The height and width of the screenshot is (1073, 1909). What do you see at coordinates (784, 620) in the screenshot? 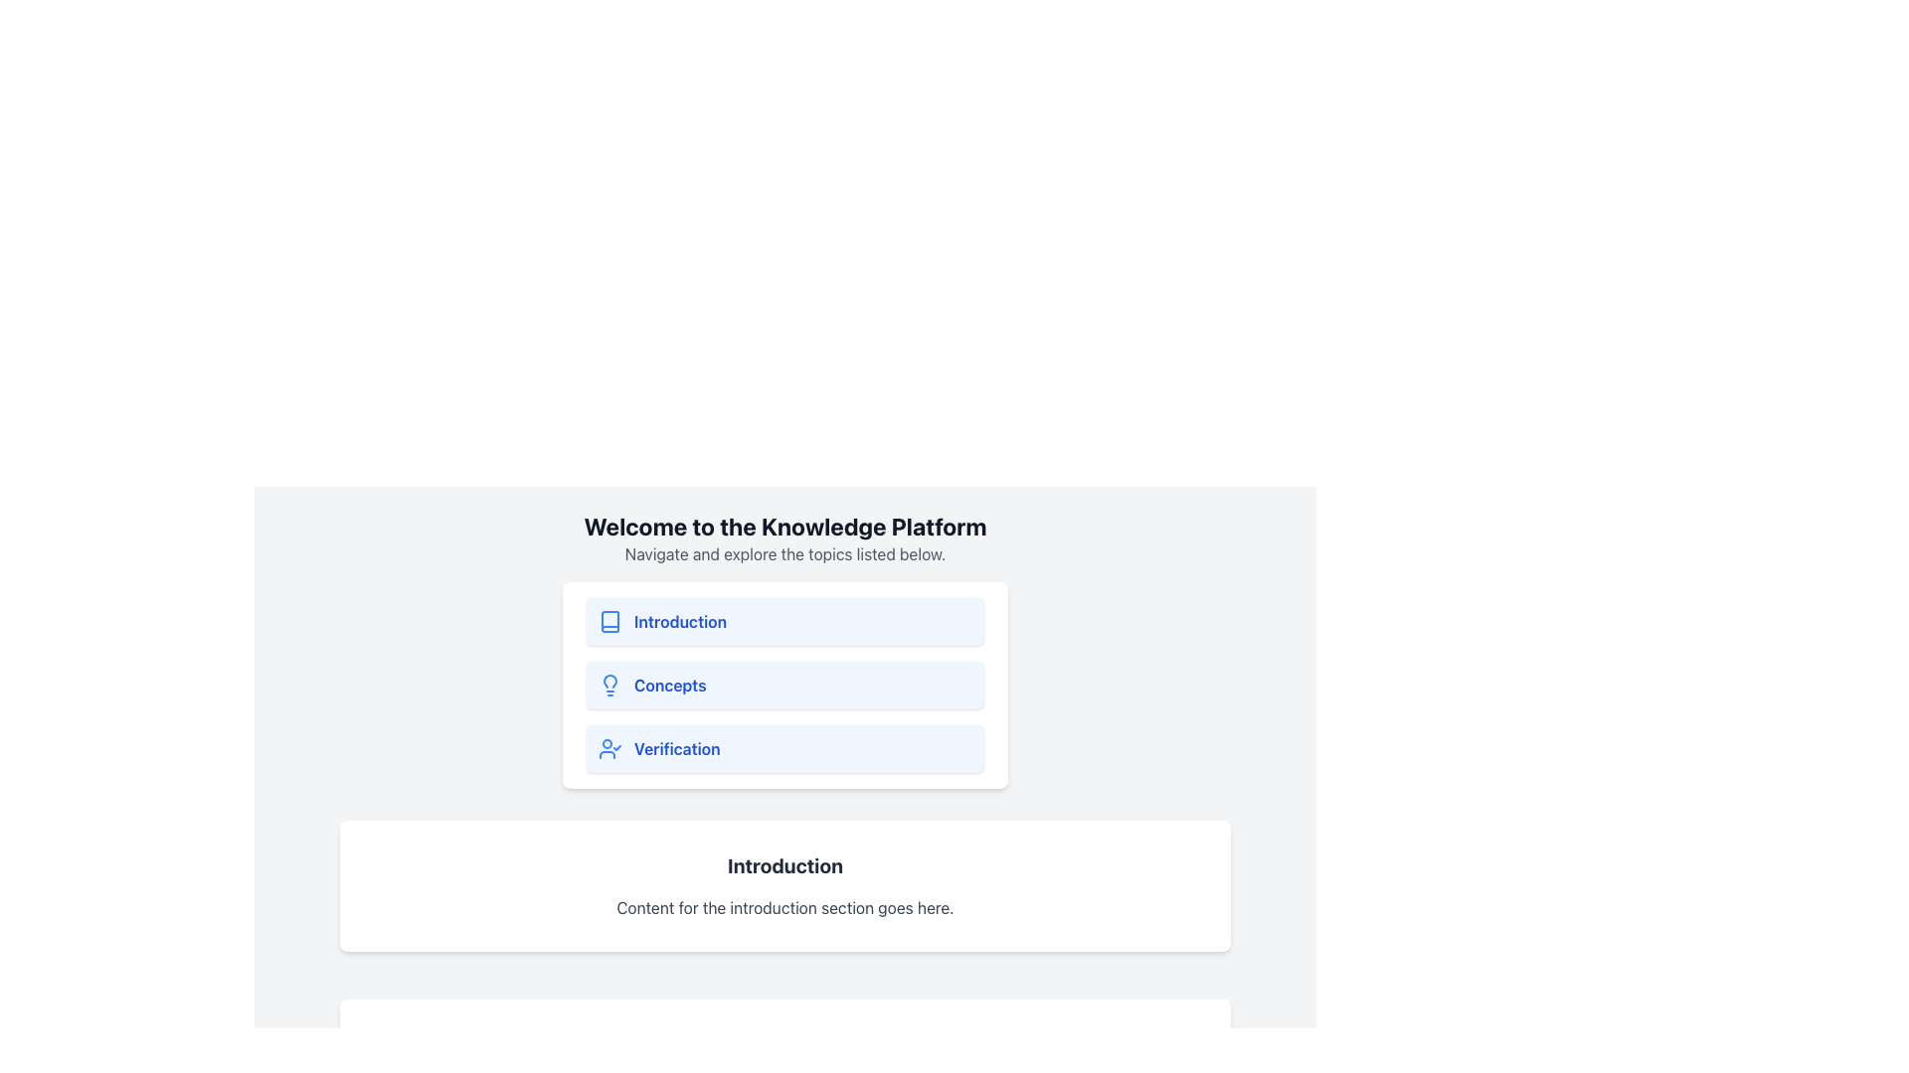
I see `the first navigational button that redirects users to the 'Introduction' section of the application, located above the 'Concepts' button` at bounding box center [784, 620].